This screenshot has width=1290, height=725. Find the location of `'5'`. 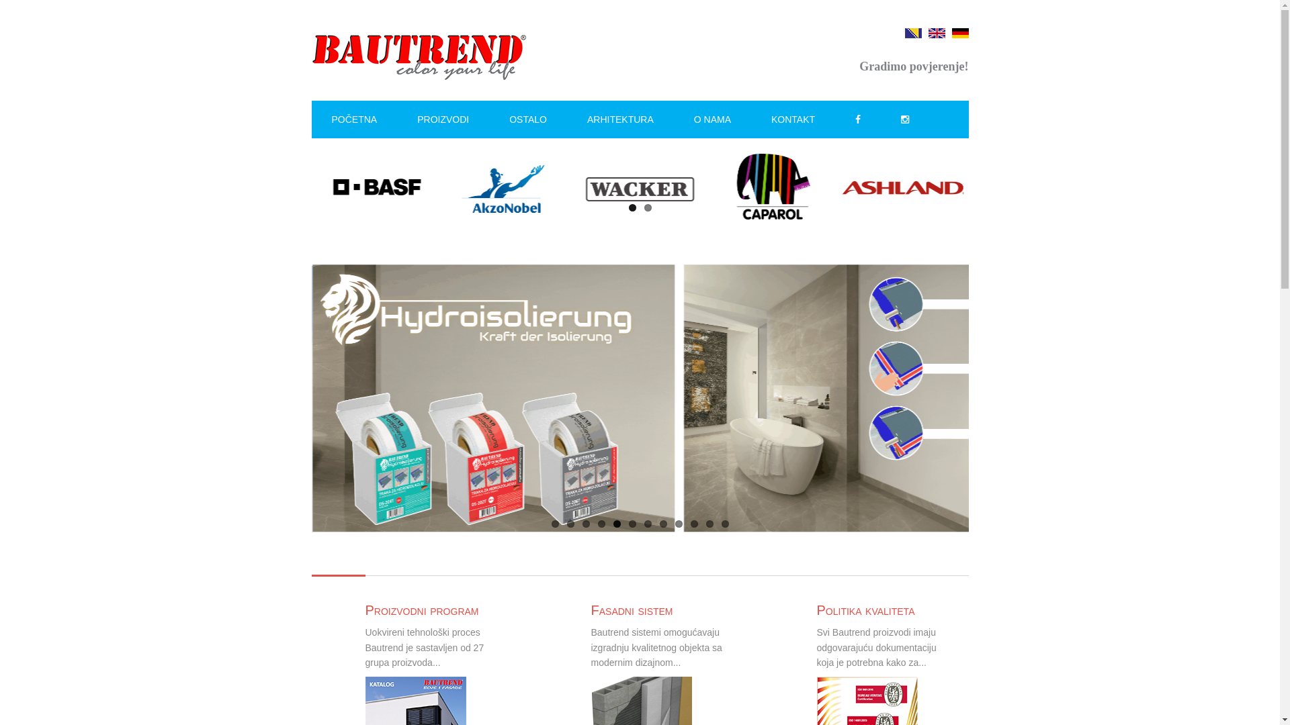

'5' is located at coordinates (615, 523).